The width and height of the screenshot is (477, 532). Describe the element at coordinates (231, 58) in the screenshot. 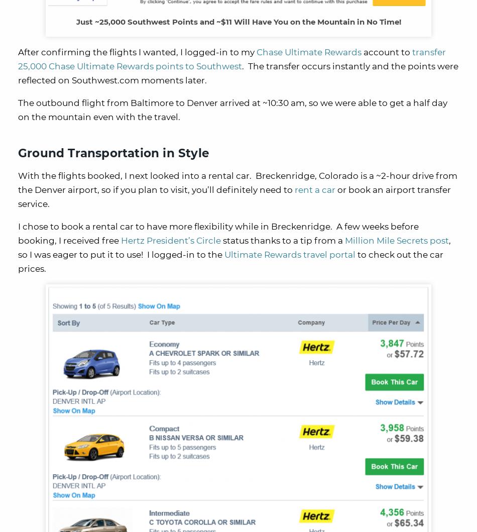

I see `'transfer 25,000 Chase Ultimate Rewards points to Southwest'` at that location.